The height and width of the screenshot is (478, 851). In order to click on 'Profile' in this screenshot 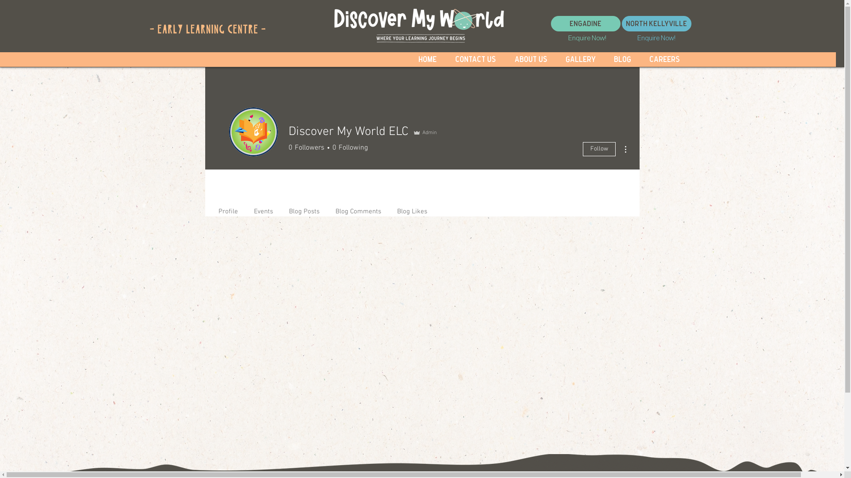, I will do `click(227, 208)`.